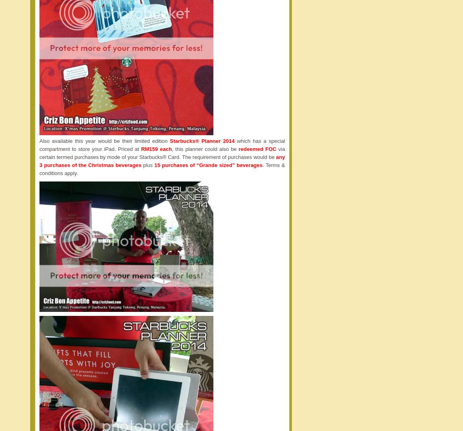 This screenshot has height=431, width=463. What do you see at coordinates (257, 148) in the screenshot?
I see `'redeemed FOC'` at bounding box center [257, 148].